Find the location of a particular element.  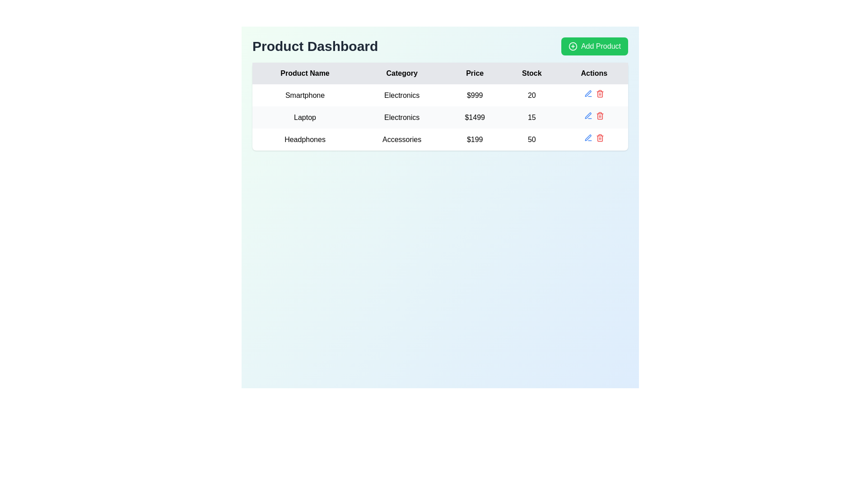

the static text displaying '20' under the 'Stock' column for the product 'Smartphone' in the data table is located at coordinates (531, 95).